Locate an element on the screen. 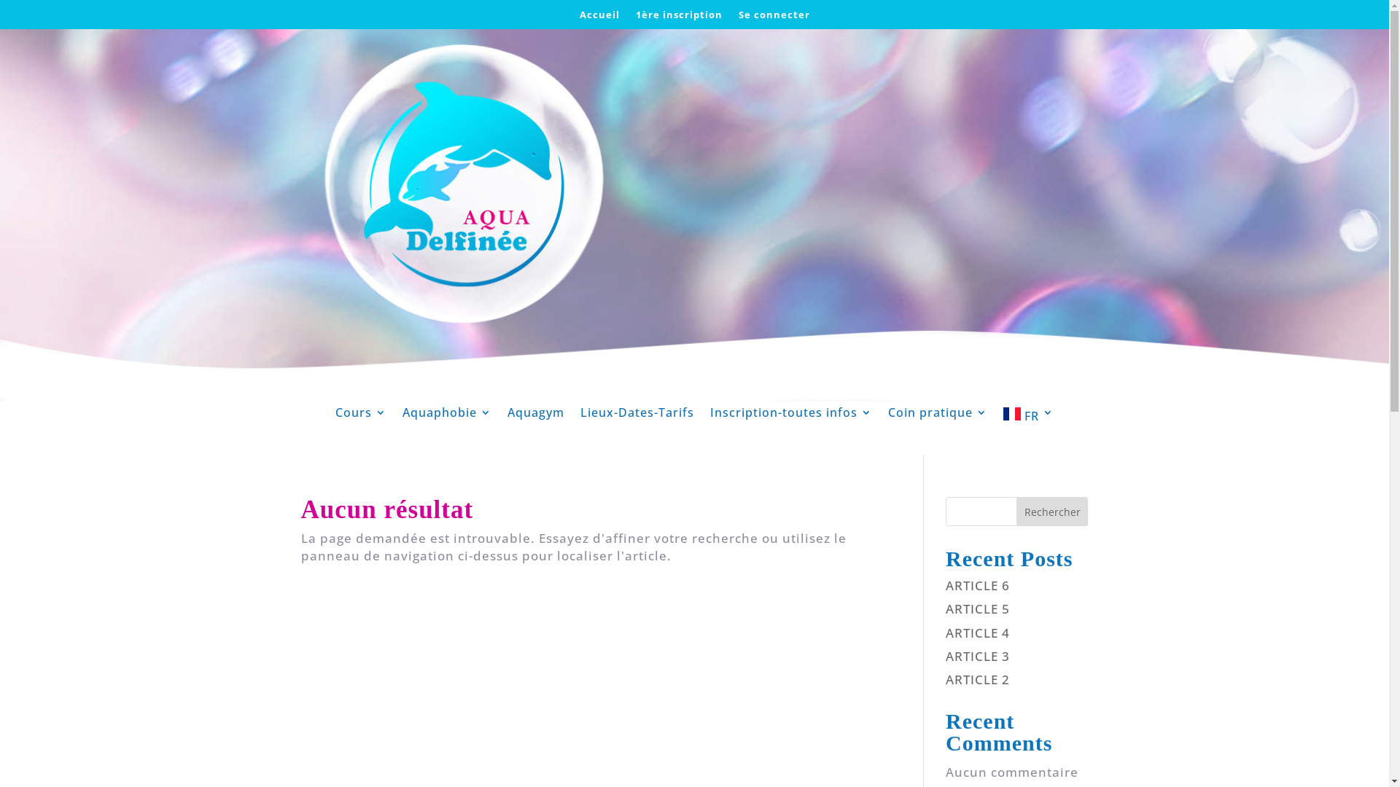  'Lieux-Dates-Tarifs' is located at coordinates (580, 417).